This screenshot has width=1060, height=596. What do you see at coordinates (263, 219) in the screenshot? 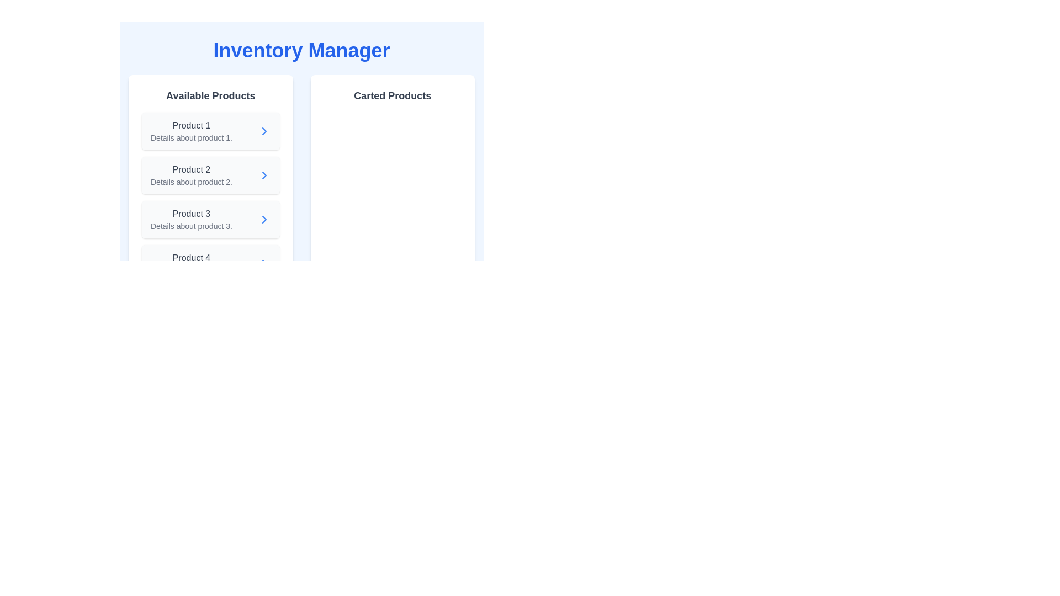
I see `the blue rightward-pointing arrow icon button located to the right side of the text 'Product 3' within the card labeled 'Product 3'` at bounding box center [263, 219].